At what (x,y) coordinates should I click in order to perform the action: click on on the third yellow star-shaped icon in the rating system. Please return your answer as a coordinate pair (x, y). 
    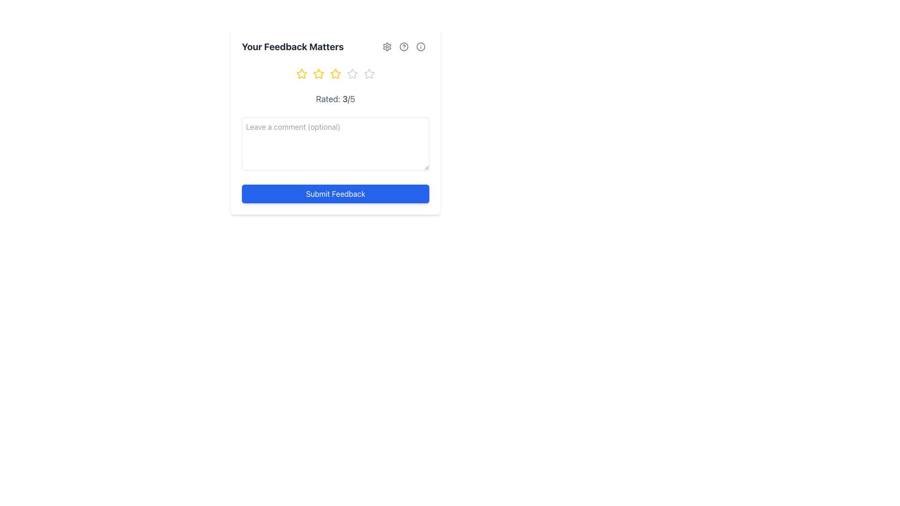
    Looking at the image, I should click on (335, 74).